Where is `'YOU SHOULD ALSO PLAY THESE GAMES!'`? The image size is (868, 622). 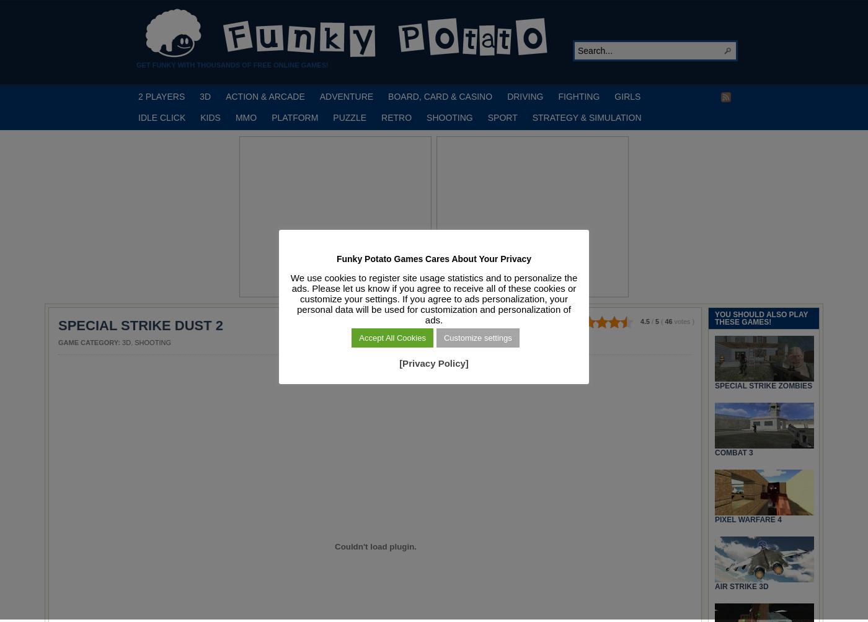 'YOU SHOULD ALSO PLAY THESE GAMES!' is located at coordinates (761, 318).